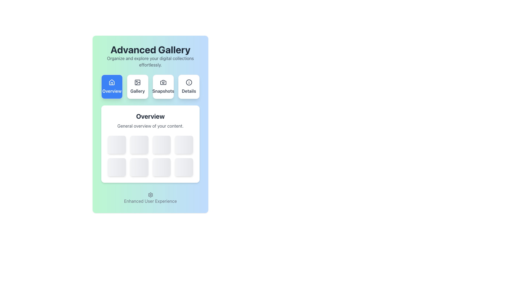 The width and height of the screenshot is (520, 292). Describe the element at coordinates (150, 195) in the screenshot. I see `the gear-shaped icon located near the bottom center of the interface, above the label 'Enhanced User Experience'` at that location.